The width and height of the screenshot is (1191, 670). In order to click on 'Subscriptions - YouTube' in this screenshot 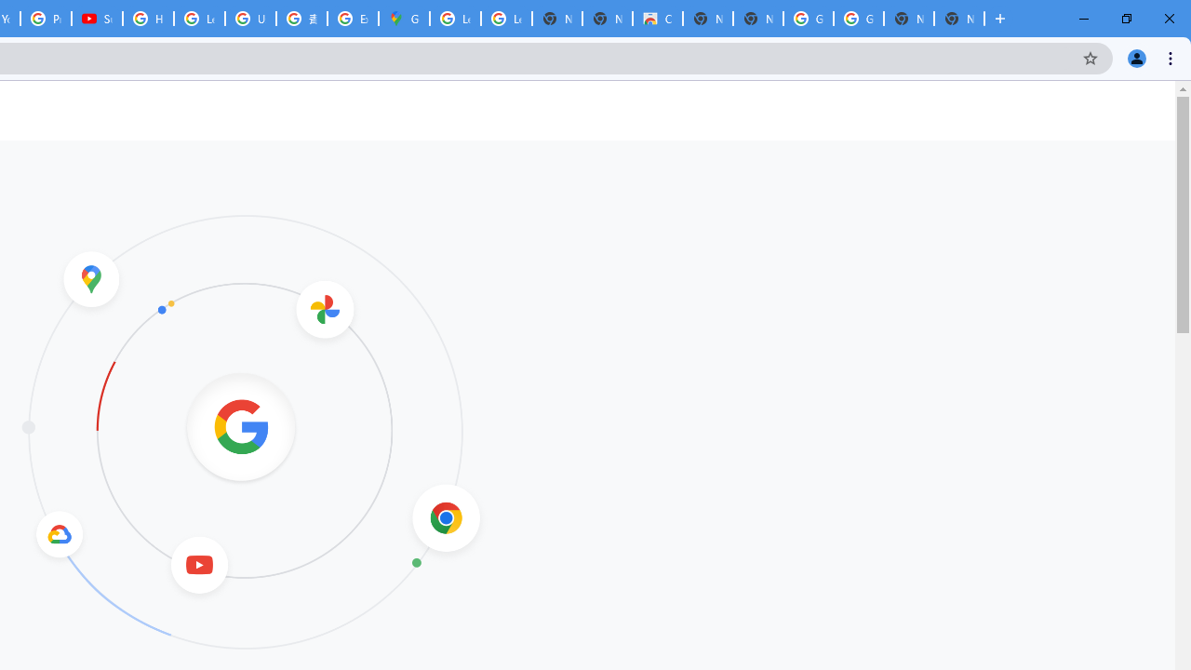, I will do `click(96, 19)`.